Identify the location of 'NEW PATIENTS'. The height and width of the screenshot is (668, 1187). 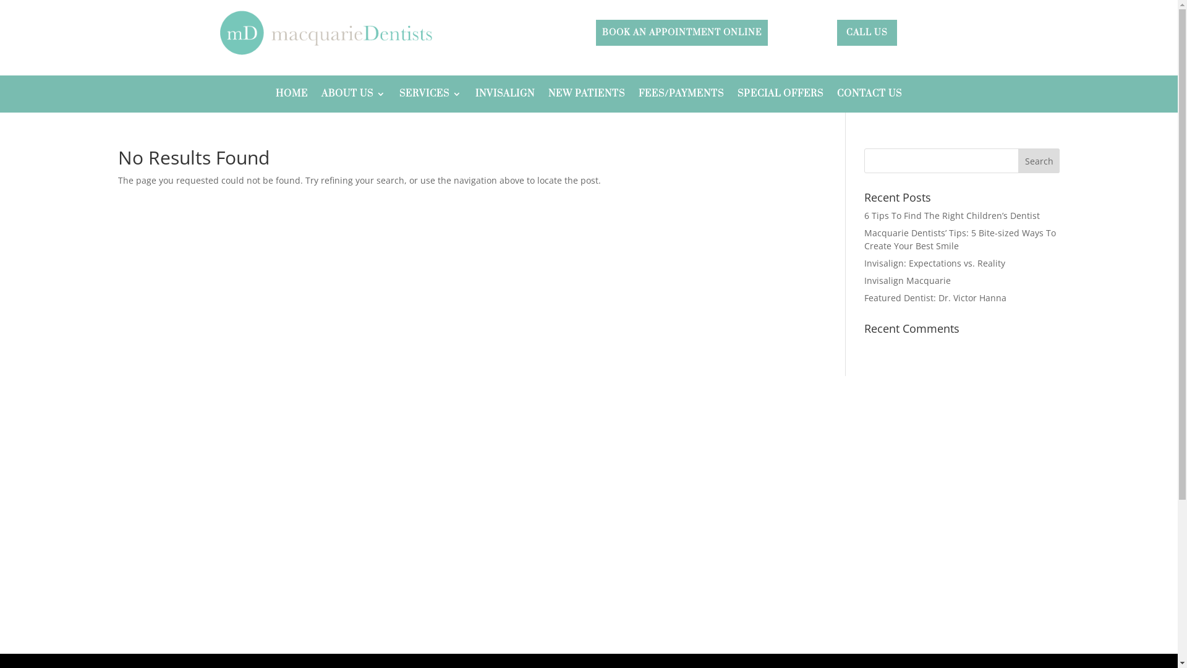
(548, 95).